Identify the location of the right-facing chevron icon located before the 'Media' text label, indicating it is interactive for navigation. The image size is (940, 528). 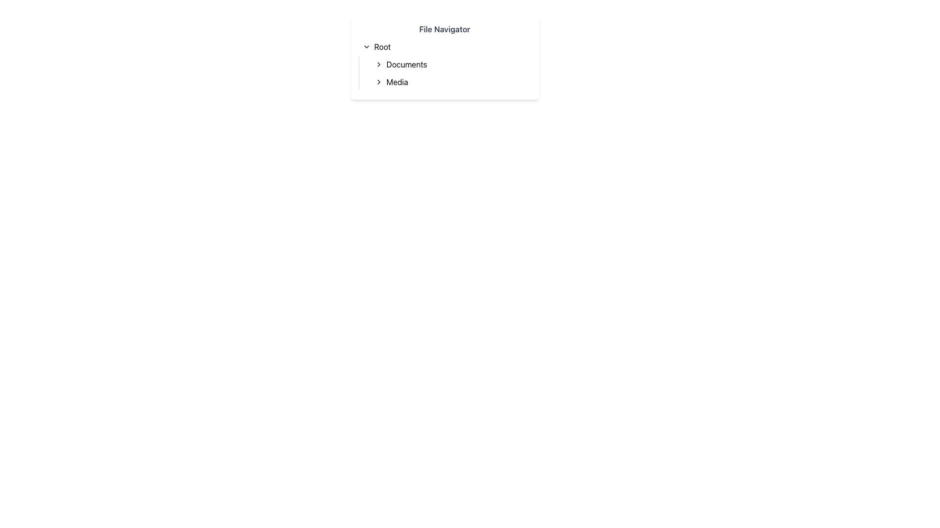
(378, 82).